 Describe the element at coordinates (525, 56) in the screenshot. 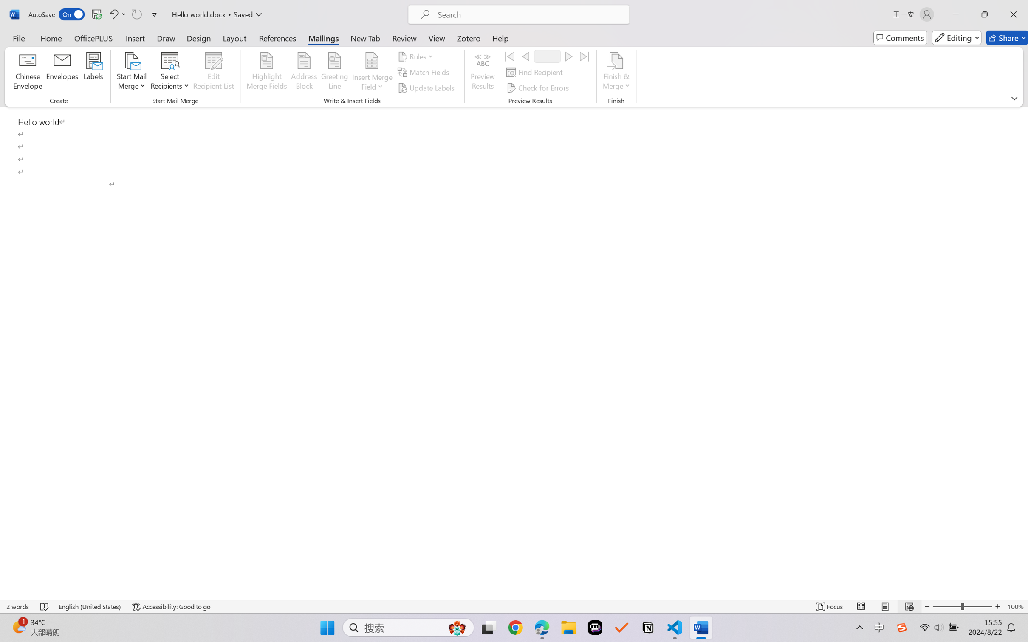

I see `'Previous'` at that location.